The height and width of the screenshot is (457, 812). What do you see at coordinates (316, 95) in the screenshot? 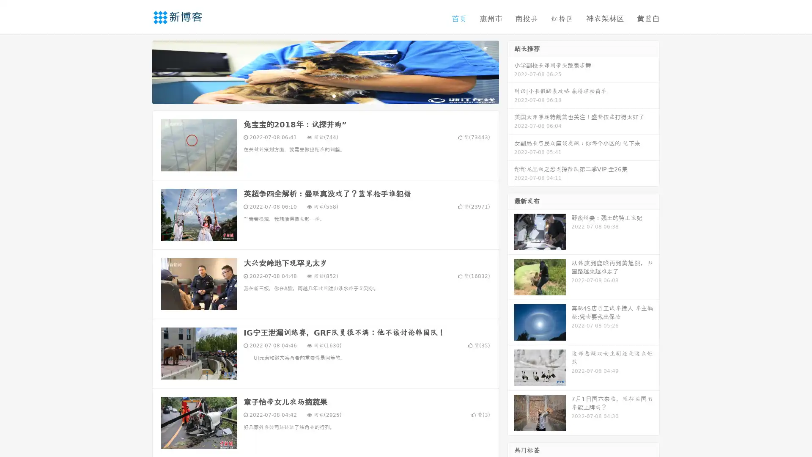
I see `Go to slide 1` at bounding box center [316, 95].